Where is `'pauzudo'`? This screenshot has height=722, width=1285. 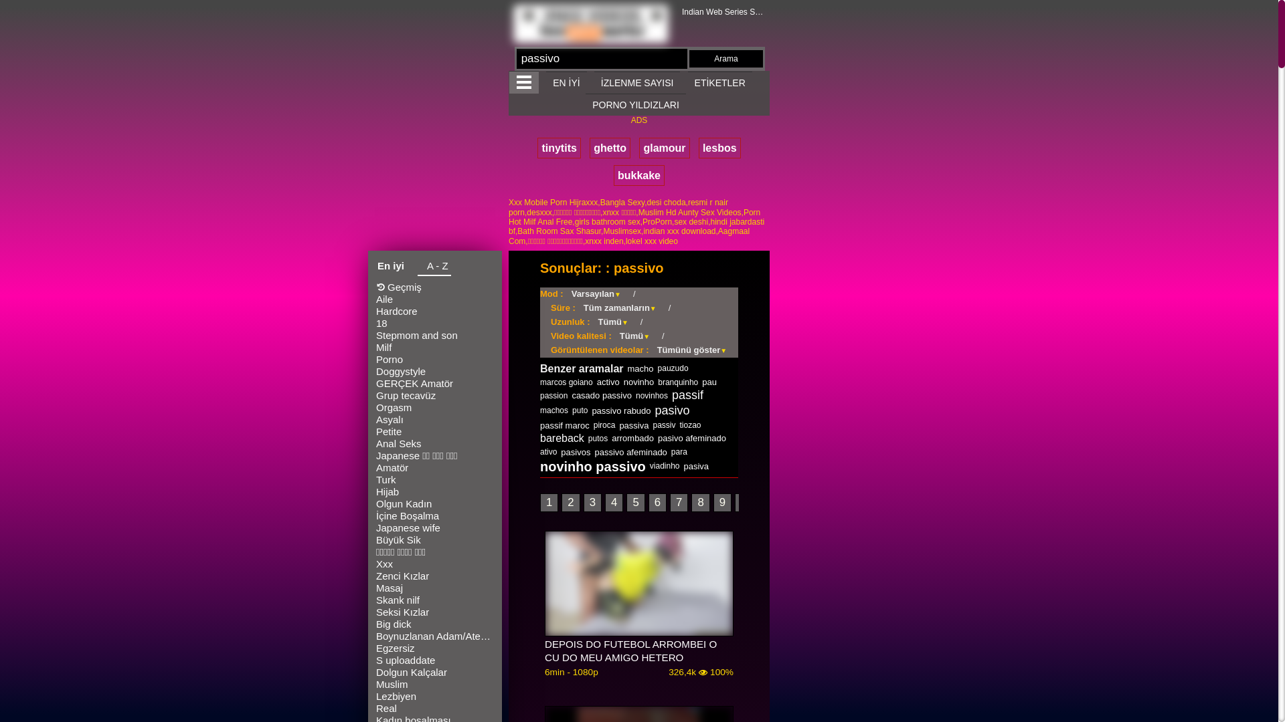 'pauzudo' is located at coordinates (673, 368).